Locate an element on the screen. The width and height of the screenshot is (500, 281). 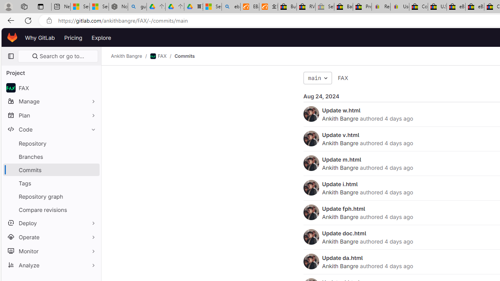
'Ankith Bangre' is located at coordinates (311, 261).